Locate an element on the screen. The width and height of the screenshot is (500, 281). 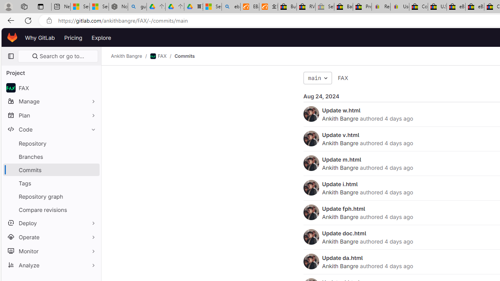
'Ankith Bangre' is located at coordinates (311, 261).